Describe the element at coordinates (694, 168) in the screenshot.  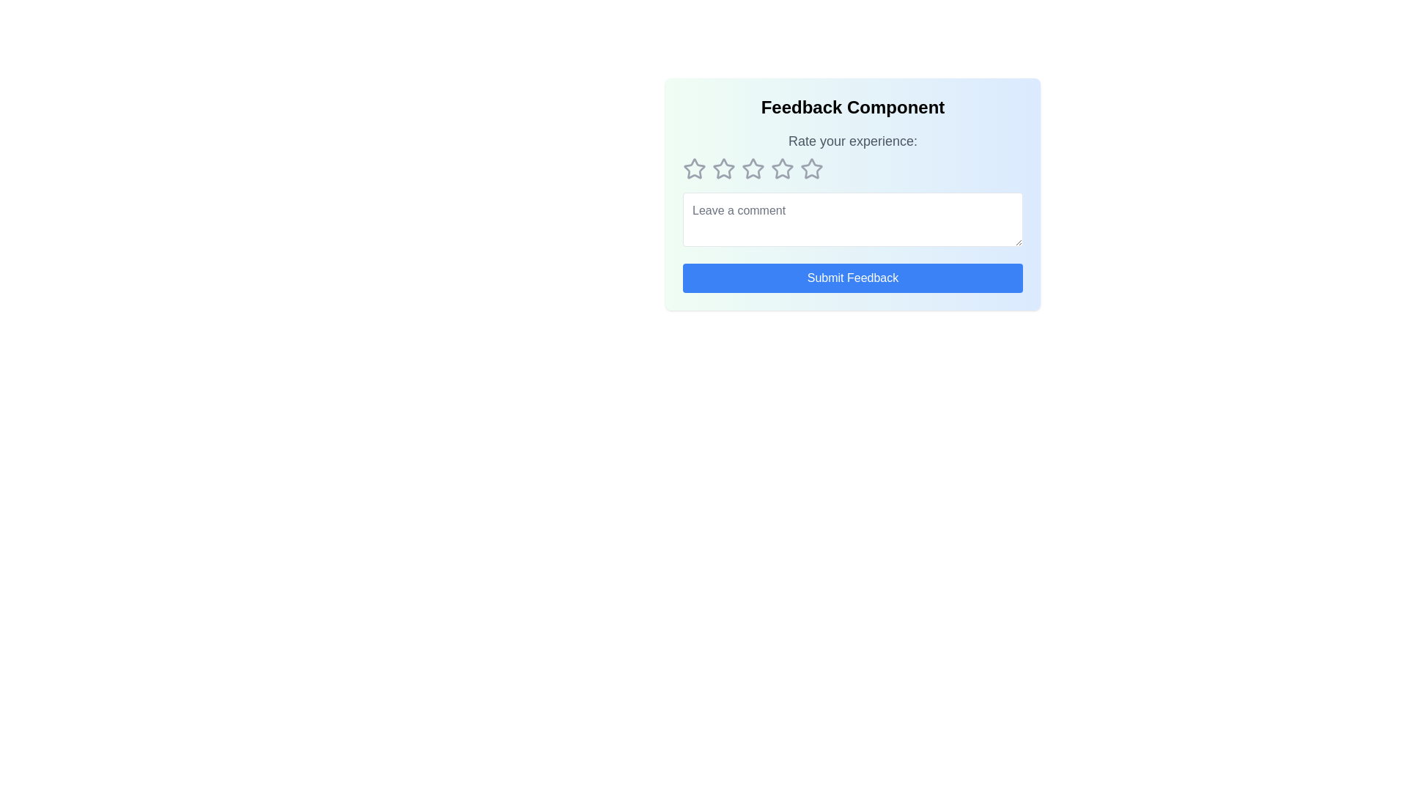
I see `the first gray star icon in the row of five rating stars` at that location.